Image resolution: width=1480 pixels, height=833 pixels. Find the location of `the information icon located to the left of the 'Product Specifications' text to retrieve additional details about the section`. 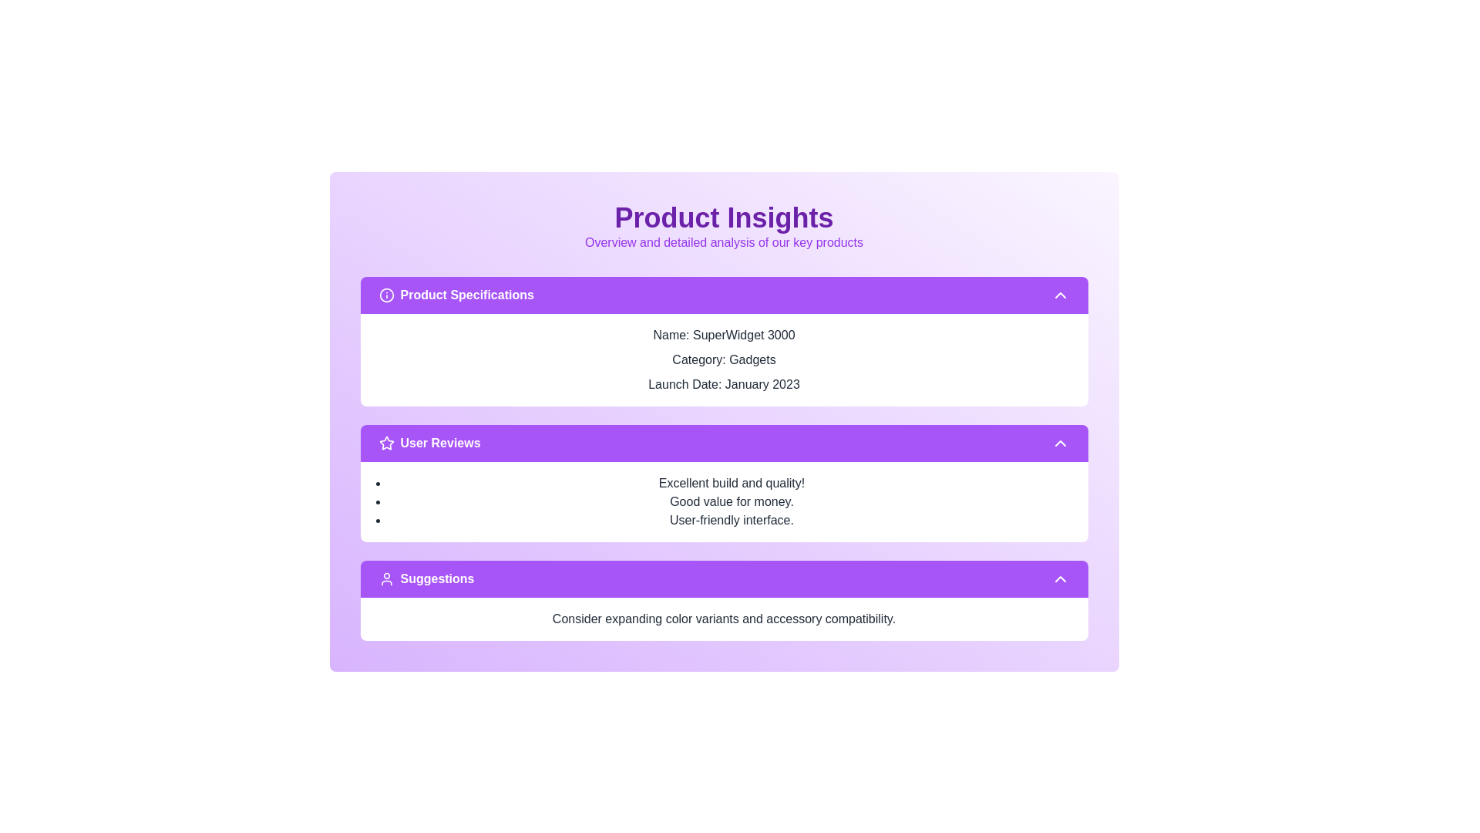

the information icon located to the left of the 'Product Specifications' text to retrieve additional details about the section is located at coordinates (386, 295).